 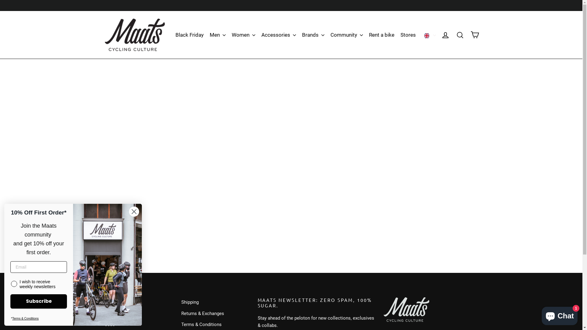 I want to click on 'Brands', so click(x=313, y=35).